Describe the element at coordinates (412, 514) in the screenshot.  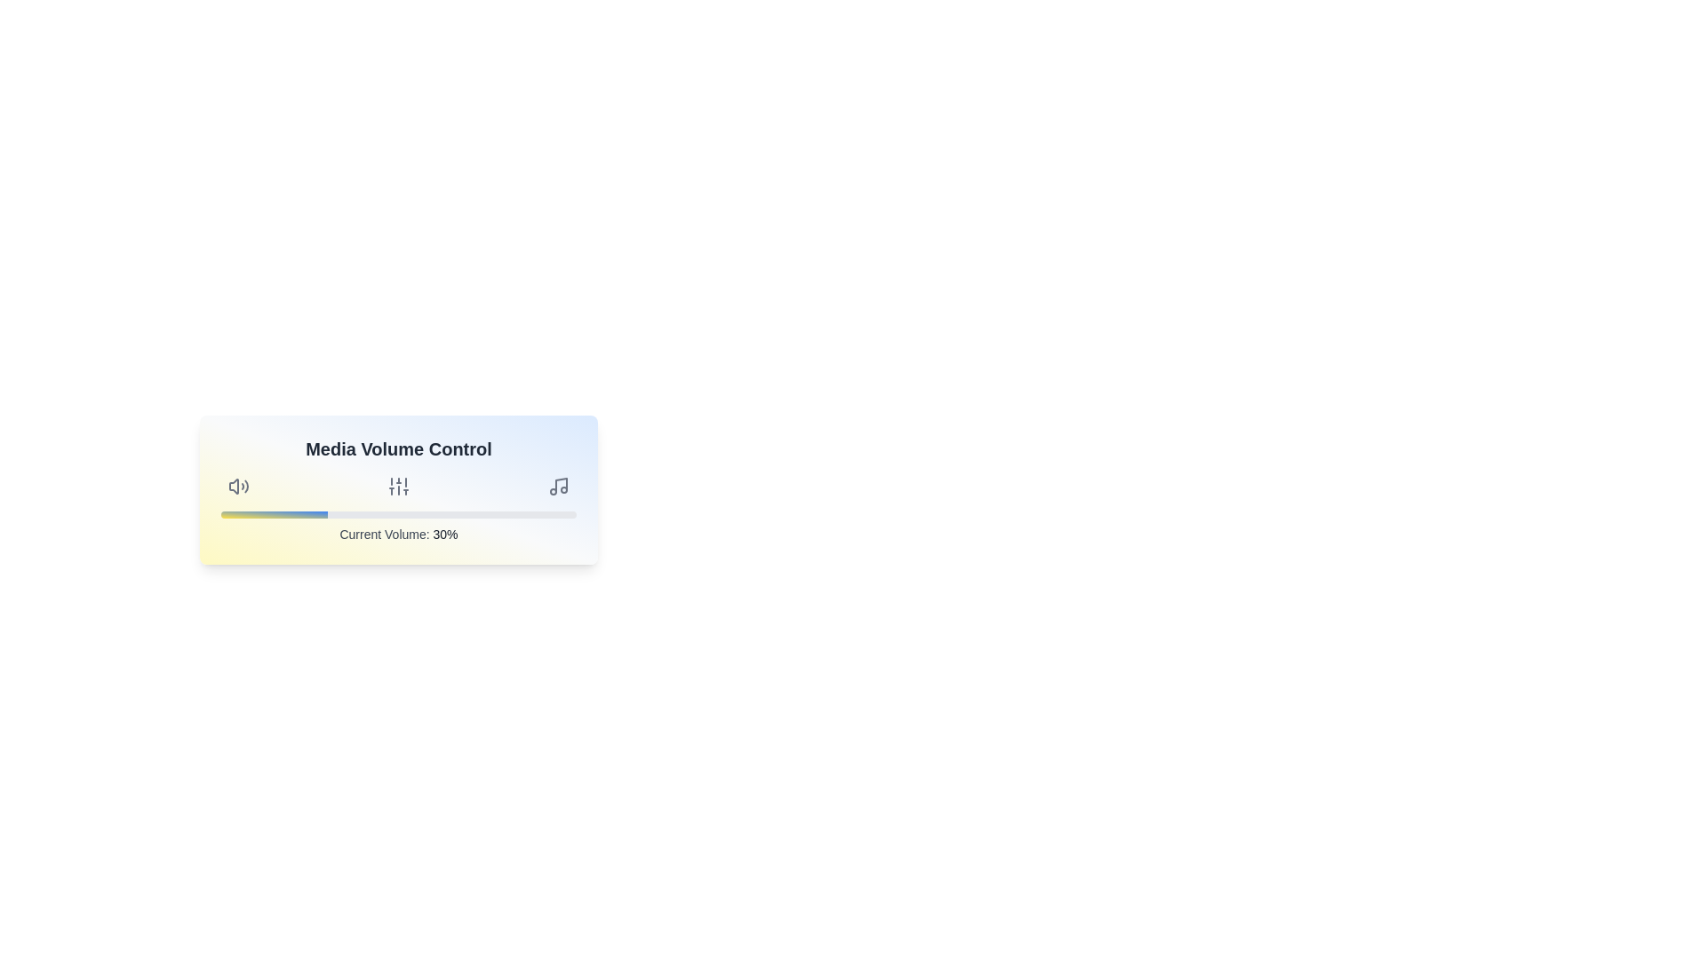
I see `the volume` at that location.